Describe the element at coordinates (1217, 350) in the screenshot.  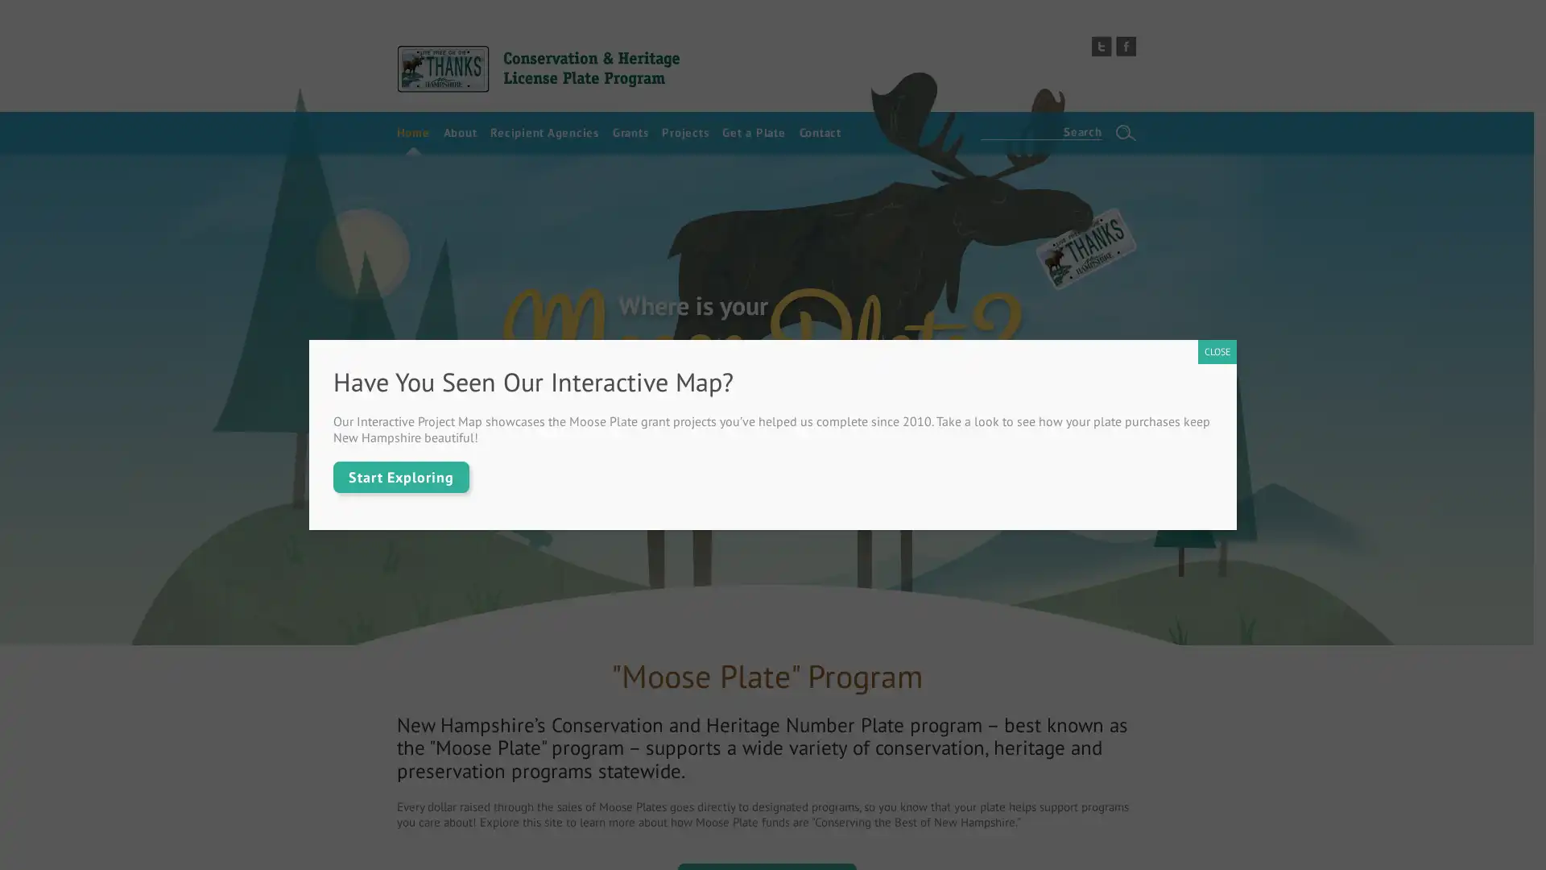
I see `Close` at that location.